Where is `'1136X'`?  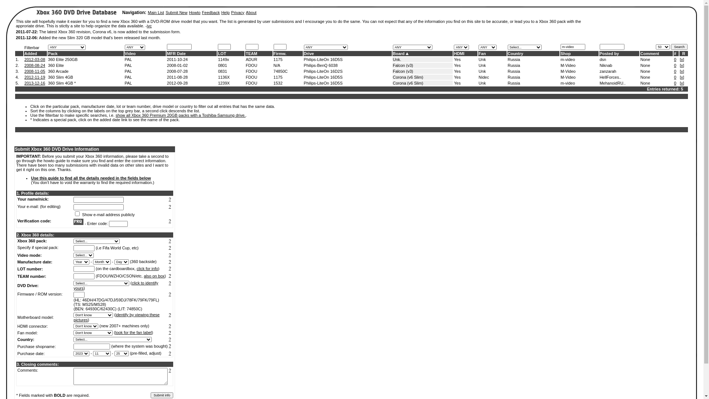
'1136X' is located at coordinates (223, 77).